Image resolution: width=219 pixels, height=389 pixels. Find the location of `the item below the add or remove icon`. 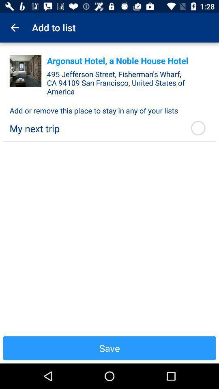

the item below the add or remove icon is located at coordinates (94, 128).